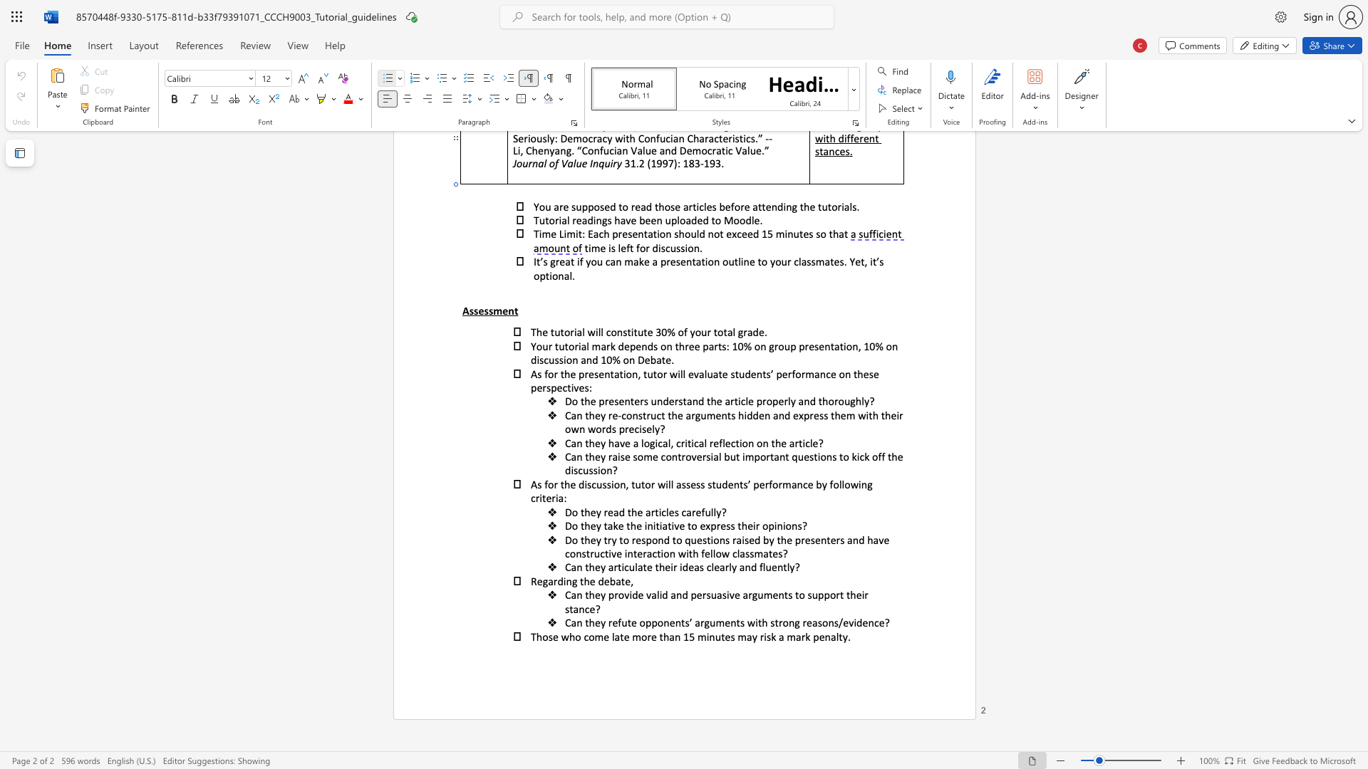  What do you see at coordinates (615, 622) in the screenshot?
I see `the 2th character "e" in the text` at bounding box center [615, 622].